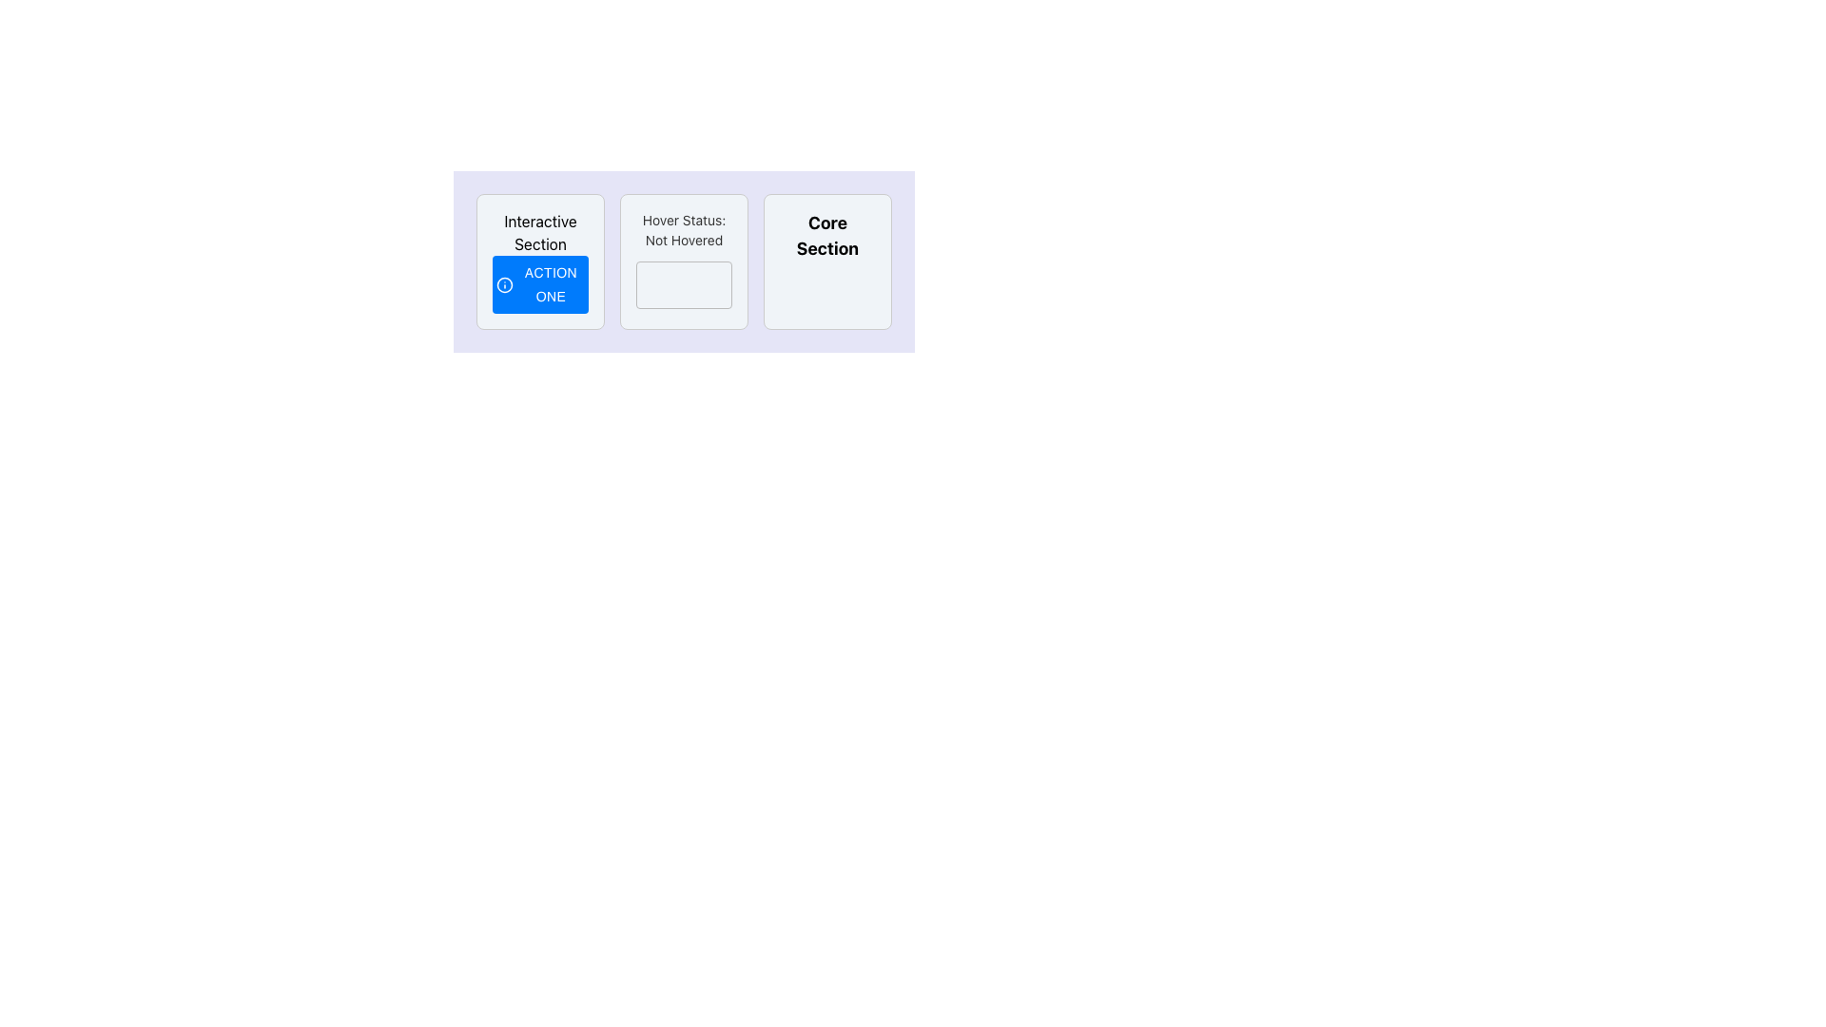 This screenshot has width=1826, height=1027. I want to click on the decorative SVG Circle Element that is part of the information icon within the 'Interactive Section', so click(505, 284).